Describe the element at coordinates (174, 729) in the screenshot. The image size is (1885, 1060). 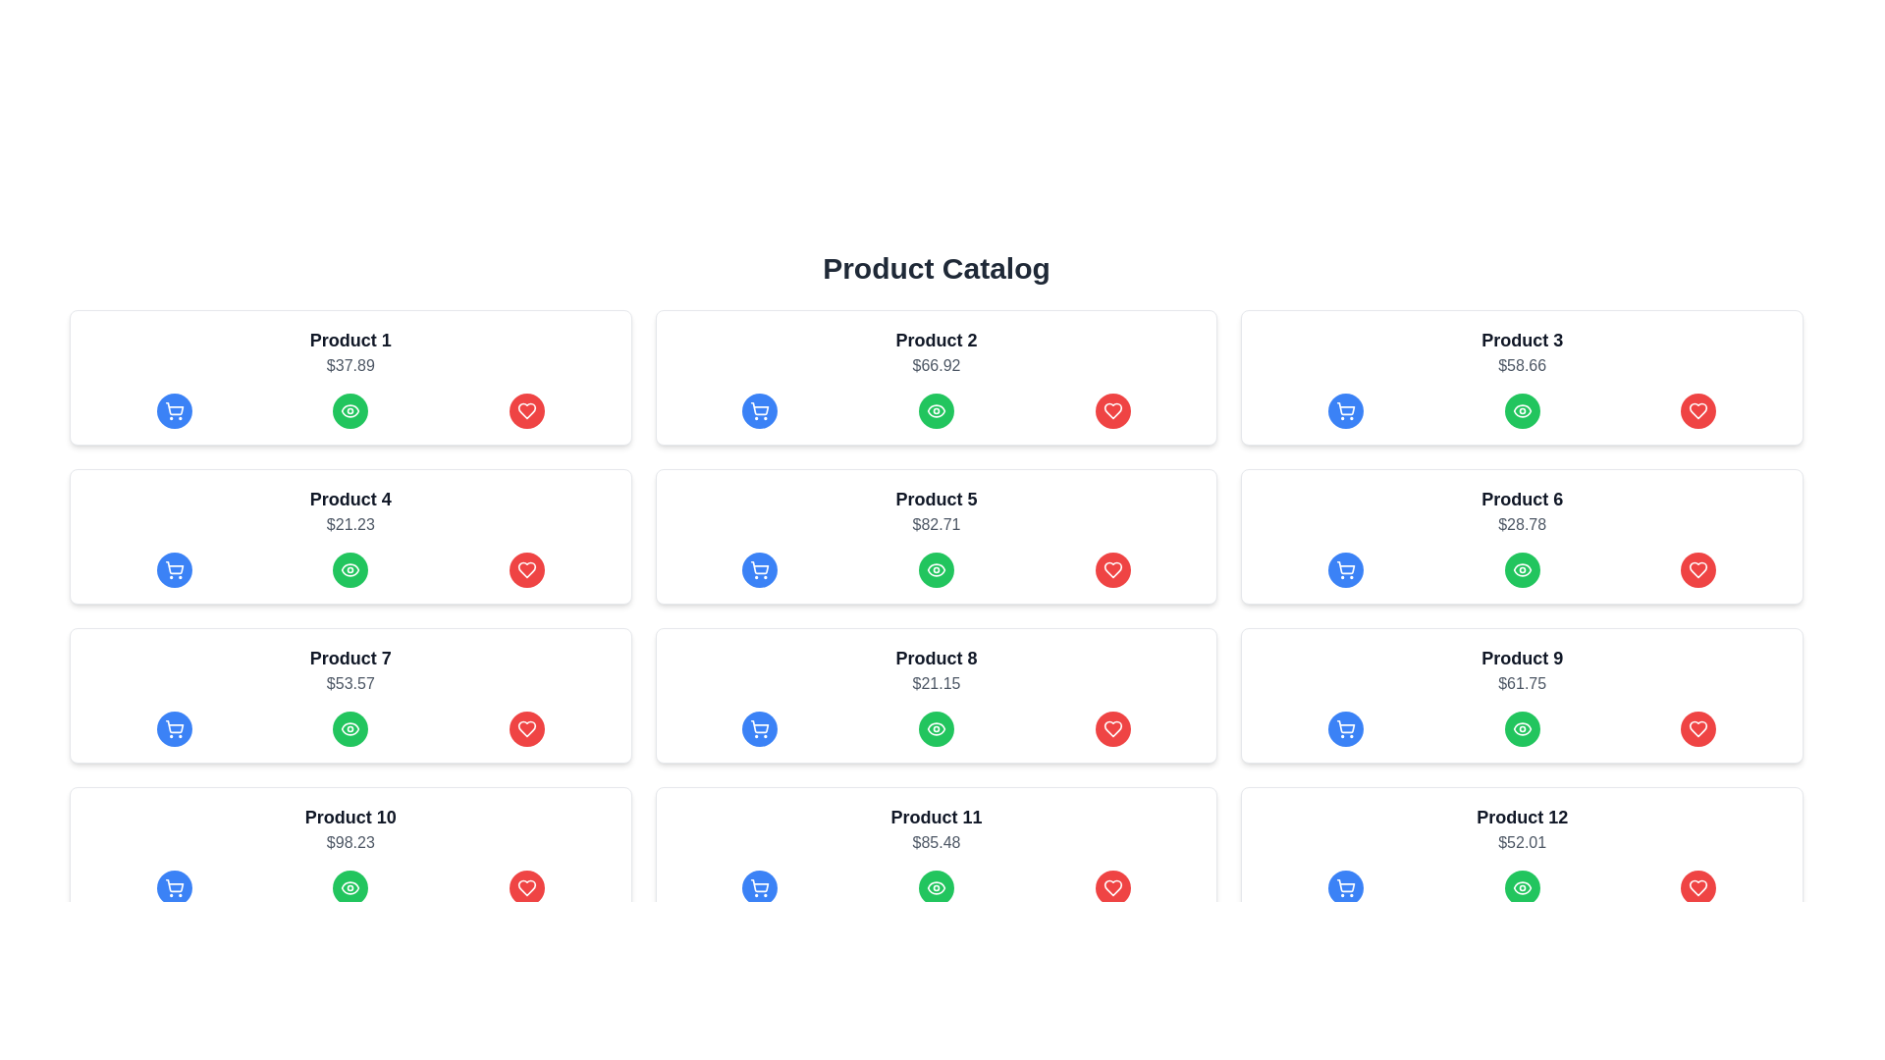
I see `the leftmost button in the horizontal group at the bottom of the third product card in the first column of the product grid to observe the hover effect` at that location.